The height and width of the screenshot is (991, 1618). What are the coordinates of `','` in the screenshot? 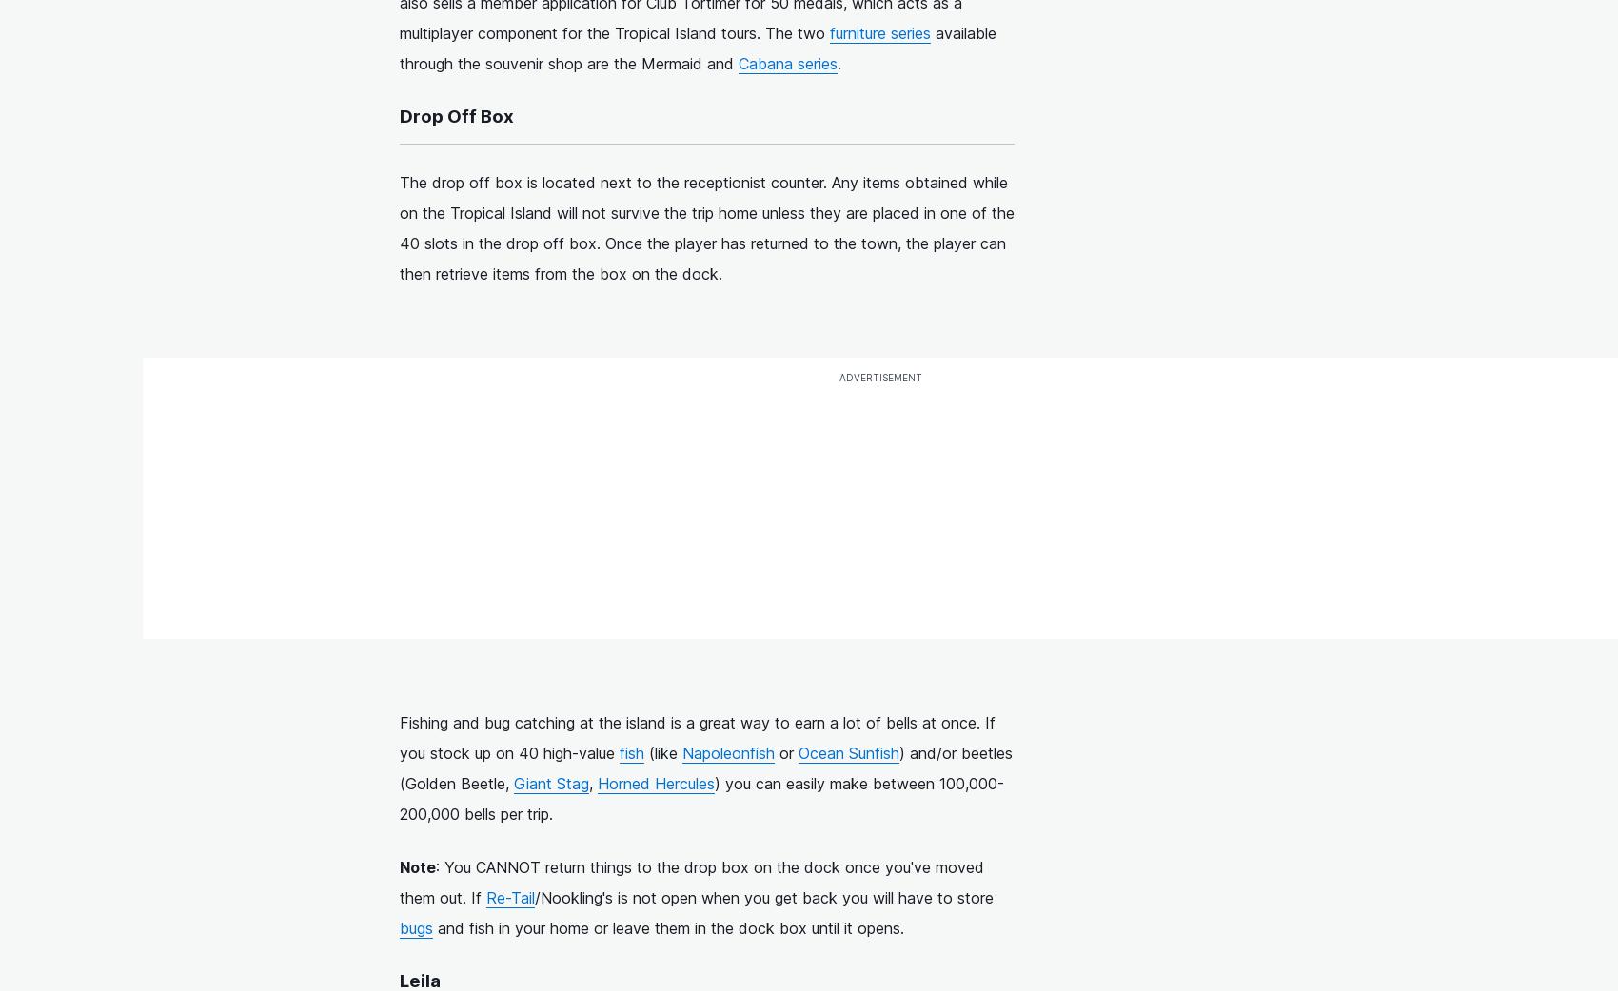 It's located at (592, 782).